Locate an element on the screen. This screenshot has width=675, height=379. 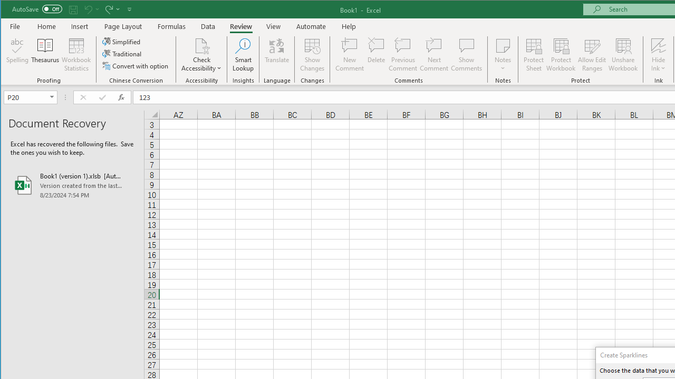
'Unshare Workbook' is located at coordinates (623, 55).